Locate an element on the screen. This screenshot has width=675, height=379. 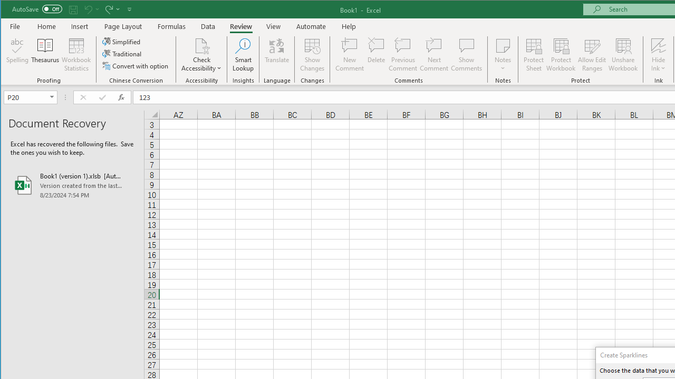
'Unshare Workbook' is located at coordinates (623, 55).